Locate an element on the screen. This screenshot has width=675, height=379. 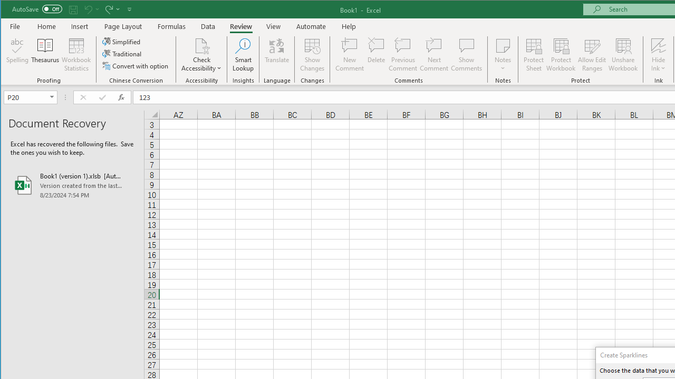
'Unshare Workbook' is located at coordinates (623, 55).